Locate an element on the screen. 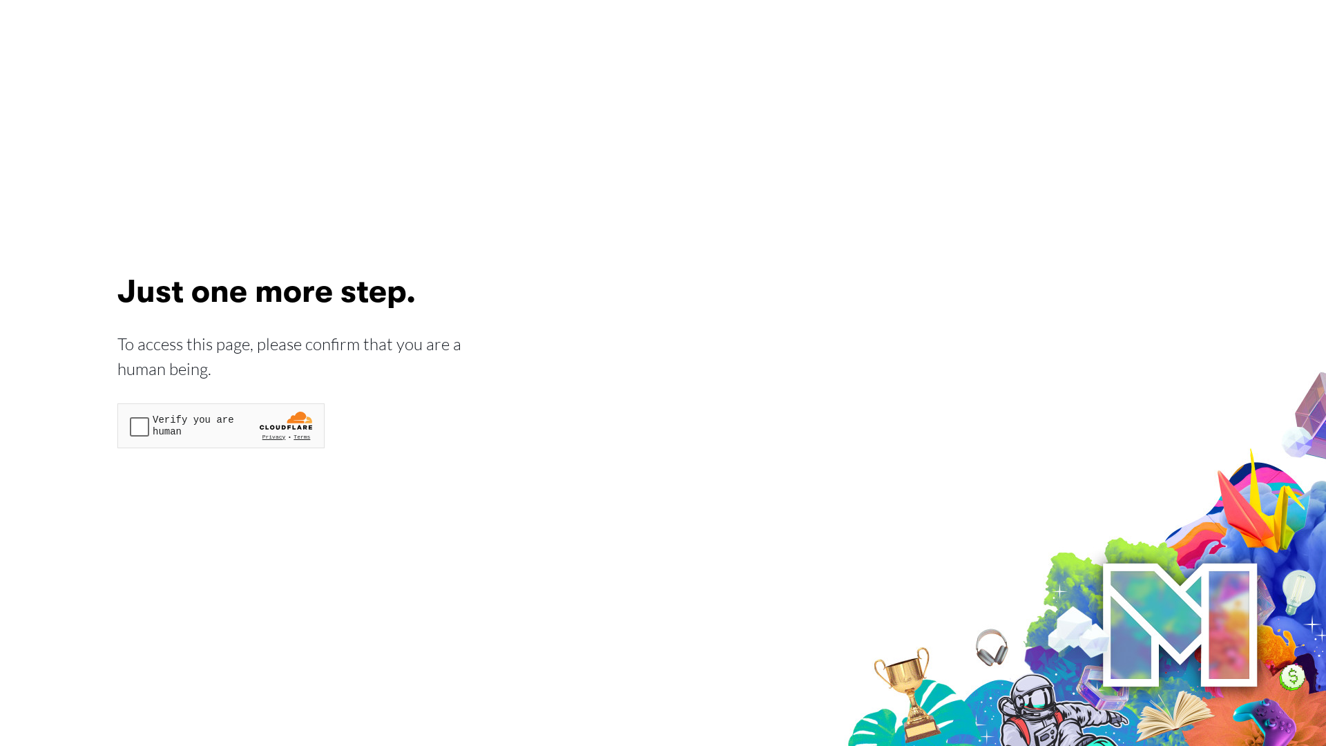  'Widget containing a Cloudflare security challenge' is located at coordinates (221, 425).